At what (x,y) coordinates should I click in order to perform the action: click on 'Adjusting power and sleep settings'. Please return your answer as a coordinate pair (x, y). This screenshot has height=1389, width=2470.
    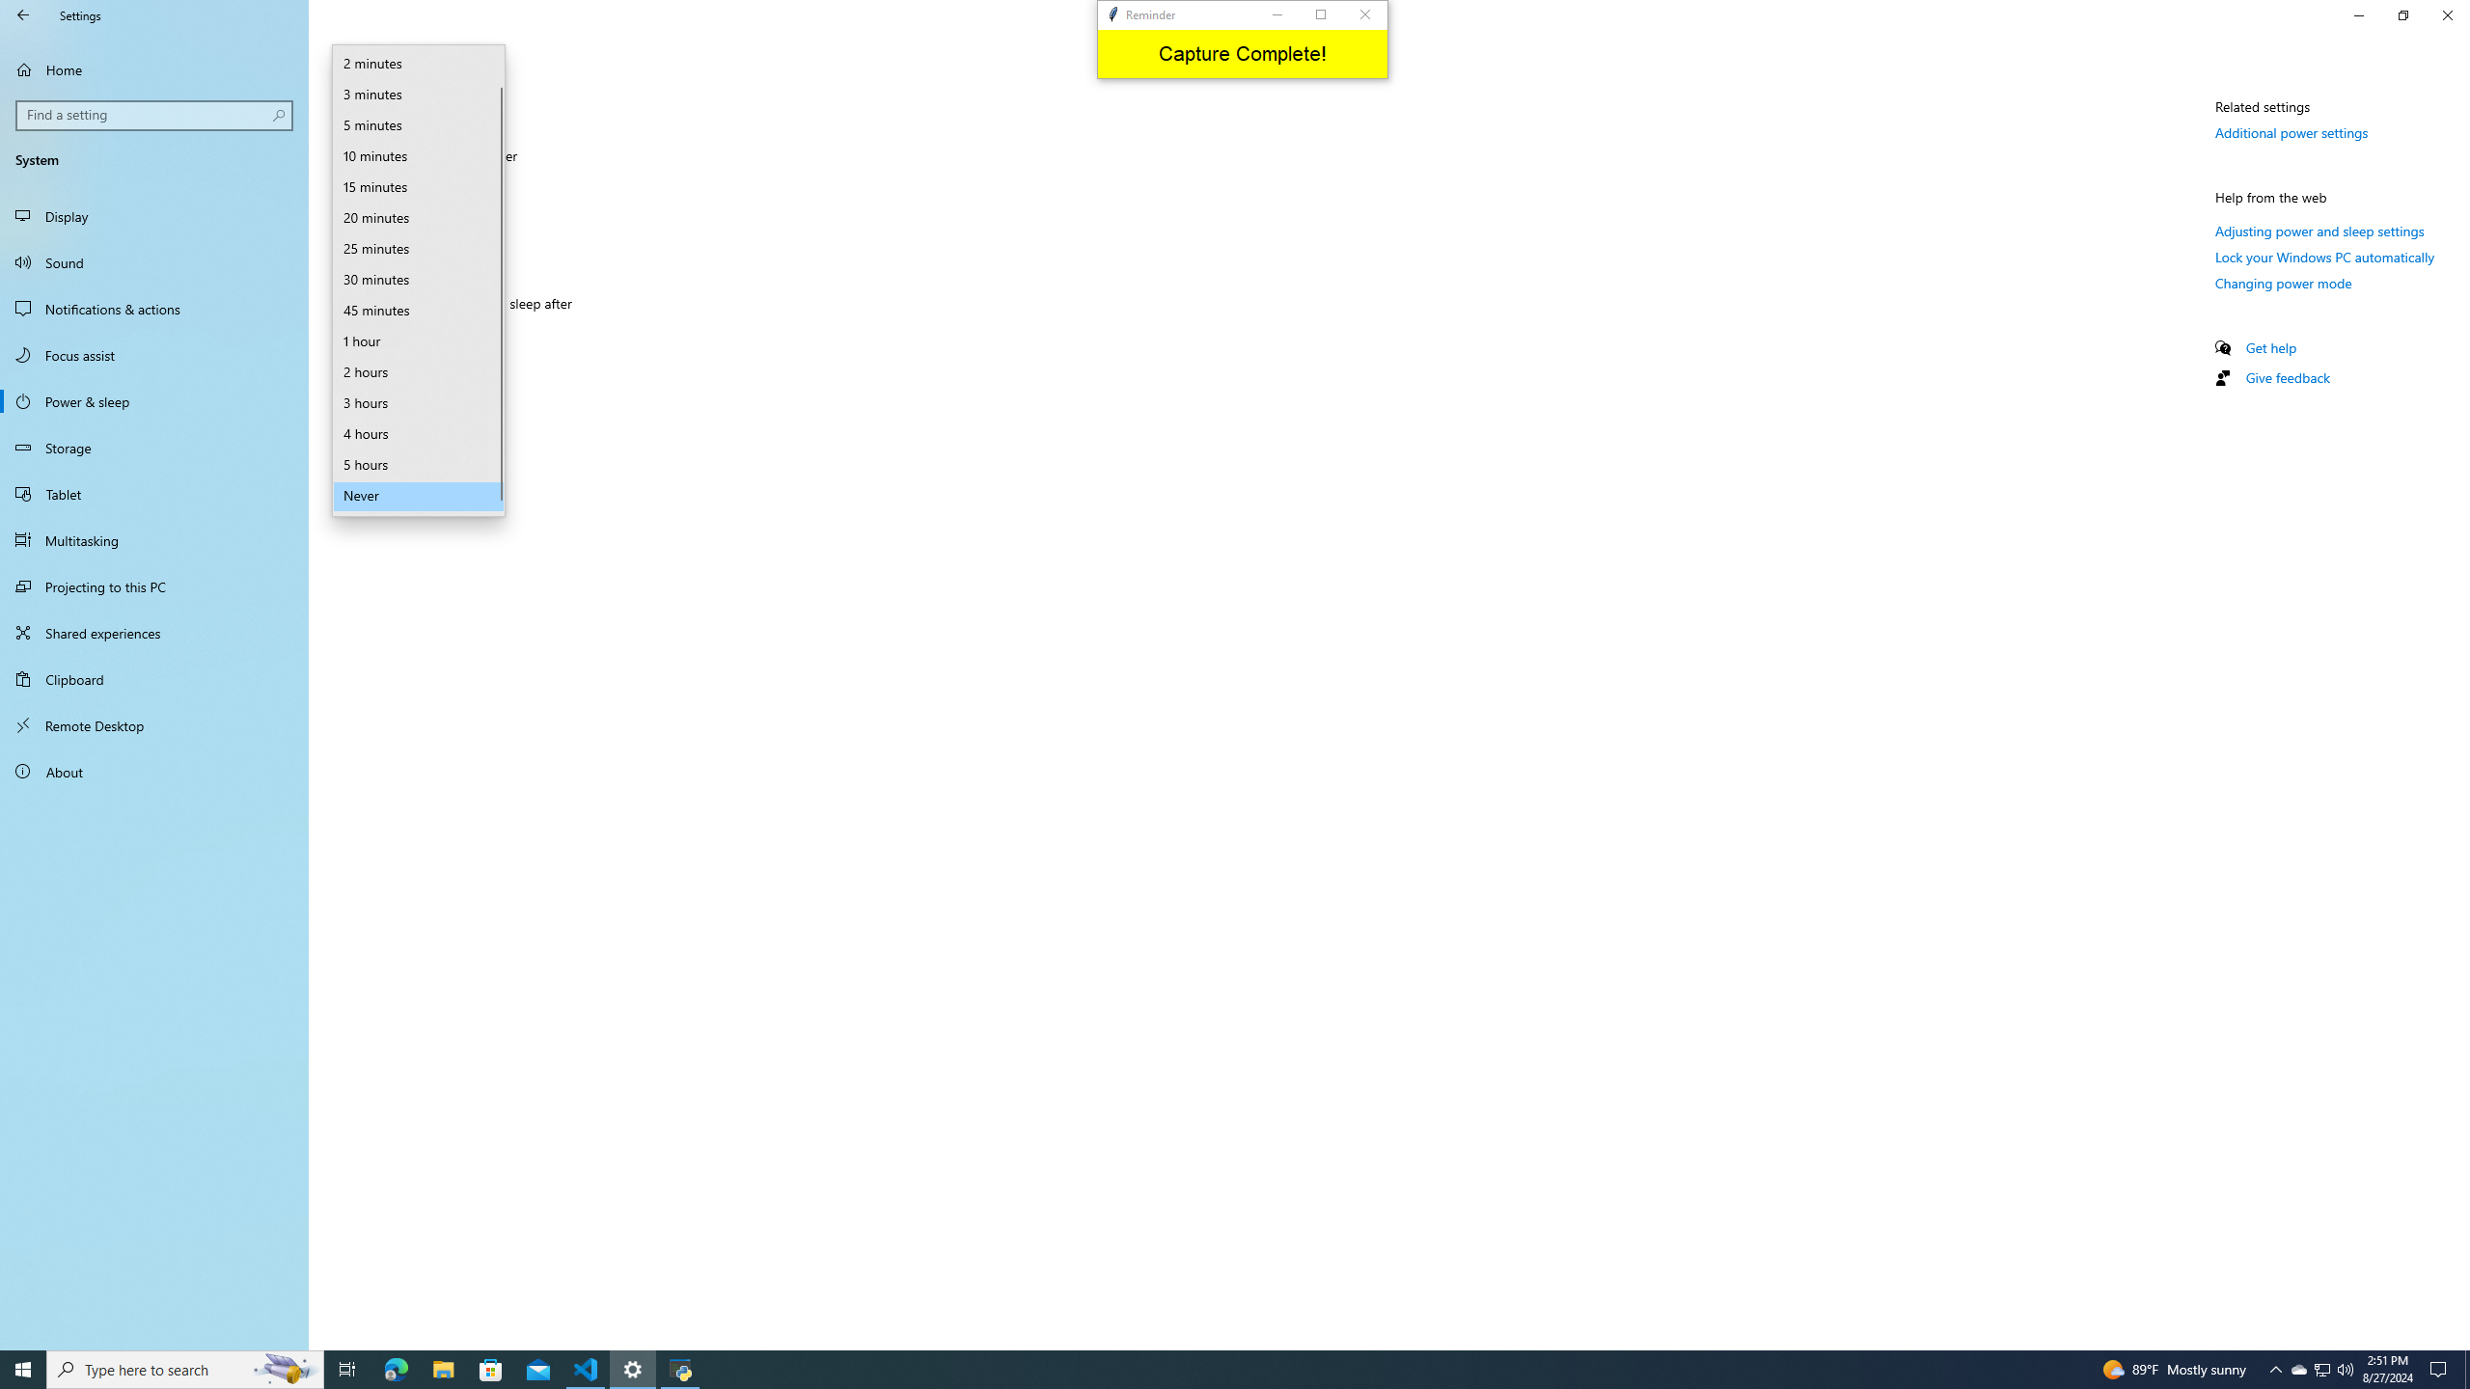
    Looking at the image, I should click on (2320, 230).